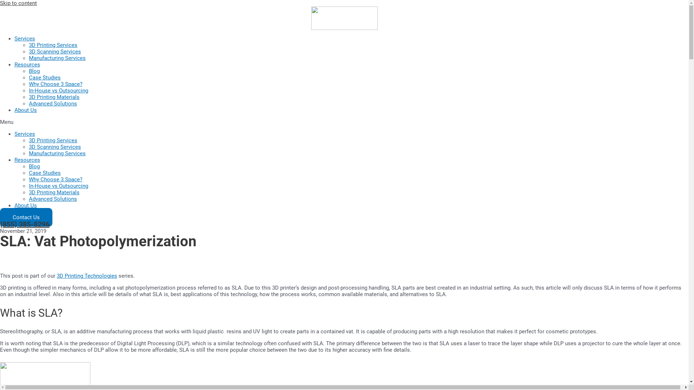  Describe the element at coordinates (53, 45) in the screenshot. I see `'3D Printing Services'` at that location.